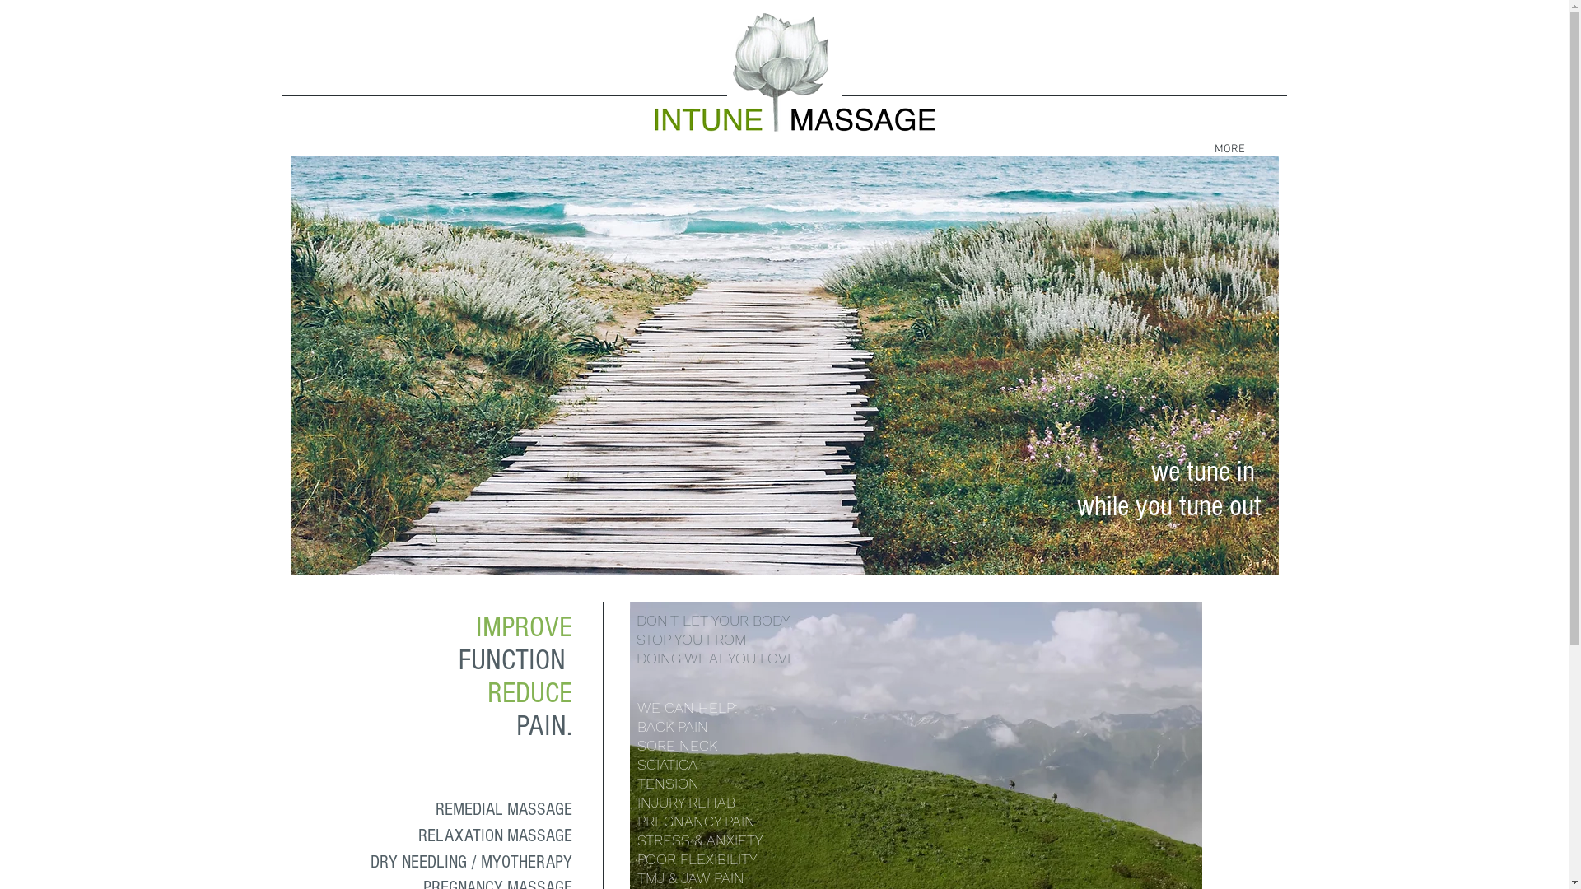  Describe the element at coordinates (727, 877) in the screenshot. I see `'PAIN'` at that location.